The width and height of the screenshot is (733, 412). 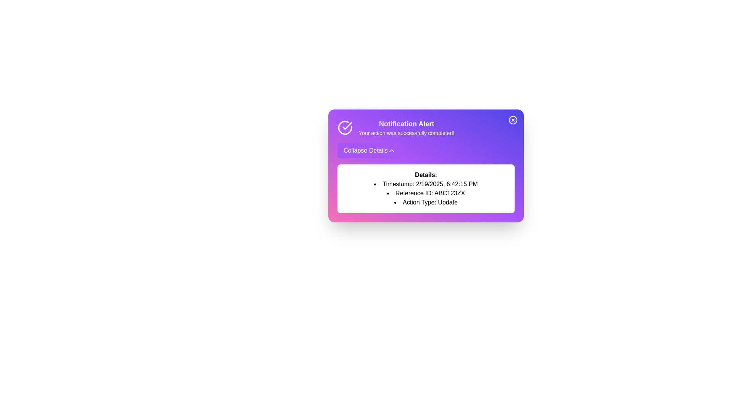 What do you see at coordinates (369, 150) in the screenshot?
I see `the 'Collapse Details' button to toggle the visibility of additional details` at bounding box center [369, 150].